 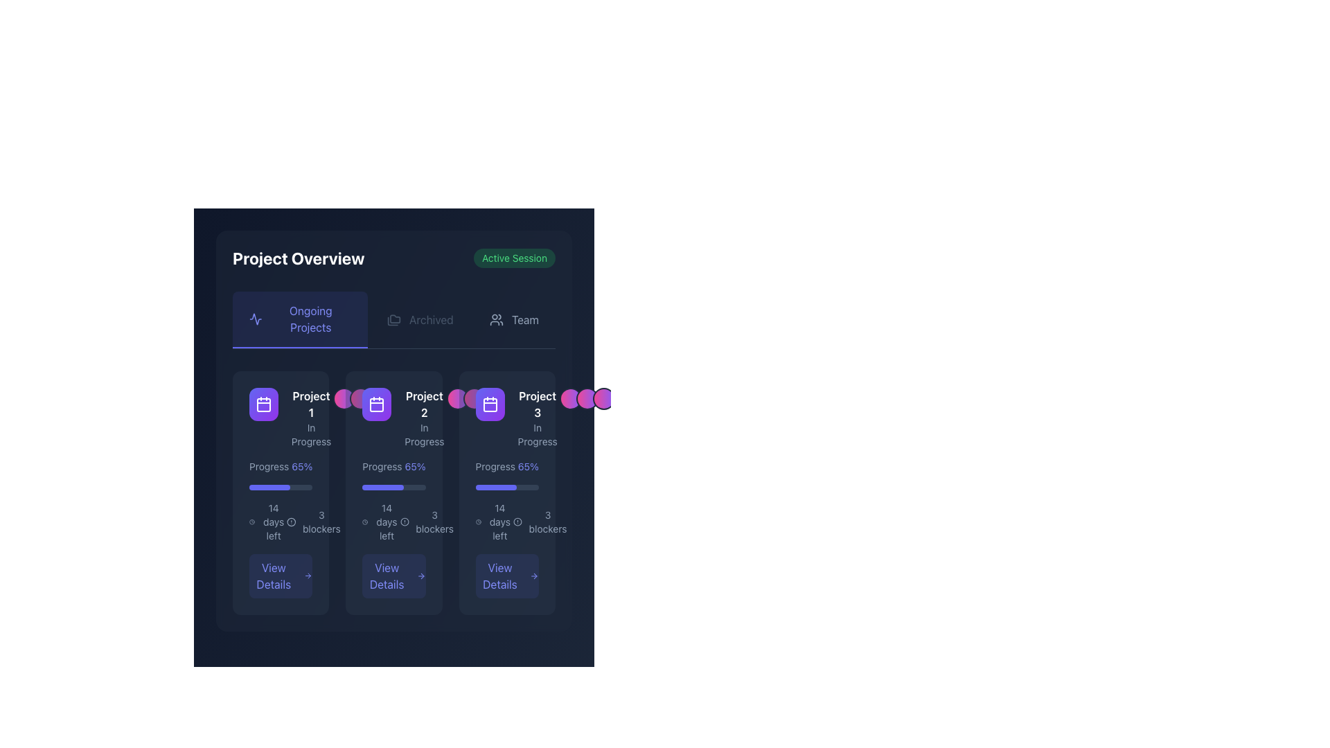 What do you see at coordinates (291, 522) in the screenshot?
I see `the alert icon located below the 'Progress 65%' bar and to the left of the '14 days left' label in the first project card` at bounding box center [291, 522].